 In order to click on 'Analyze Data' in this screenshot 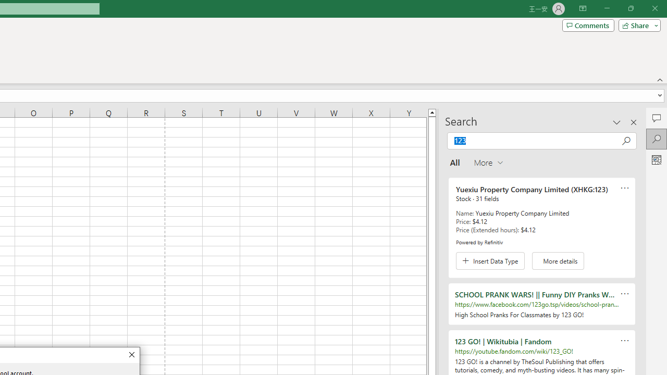, I will do `click(656, 160)`.